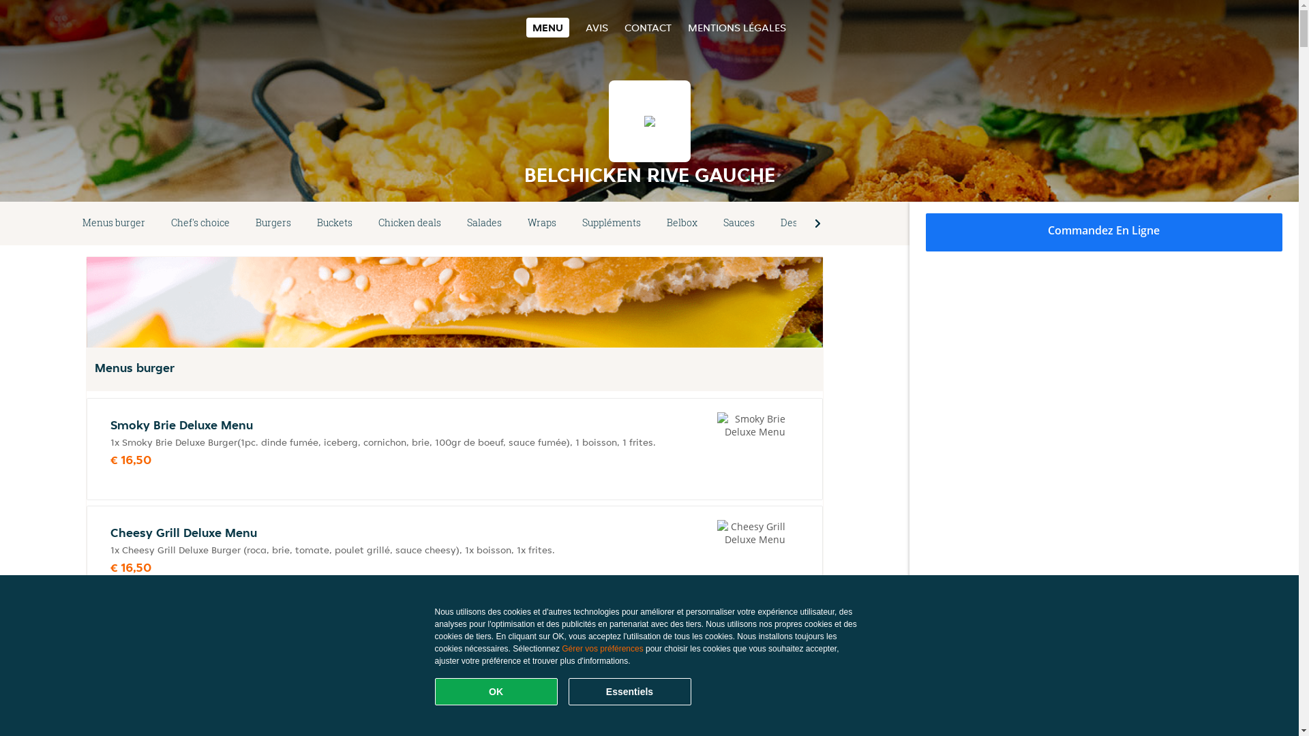 This screenshot has height=736, width=1309. Describe the element at coordinates (541, 222) in the screenshot. I see `'Wraps'` at that location.